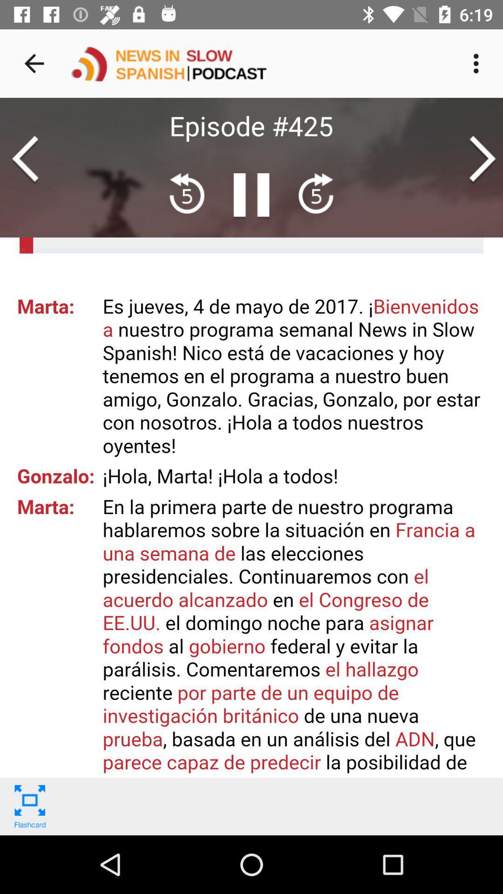 The height and width of the screenshot is (894, 503). Describe the element at coordinates (187, 193) in the screenshot. I see `the av_rewind icon` at that location.